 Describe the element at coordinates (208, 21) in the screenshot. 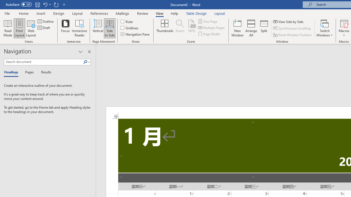

I see `'One Page'` at that location.